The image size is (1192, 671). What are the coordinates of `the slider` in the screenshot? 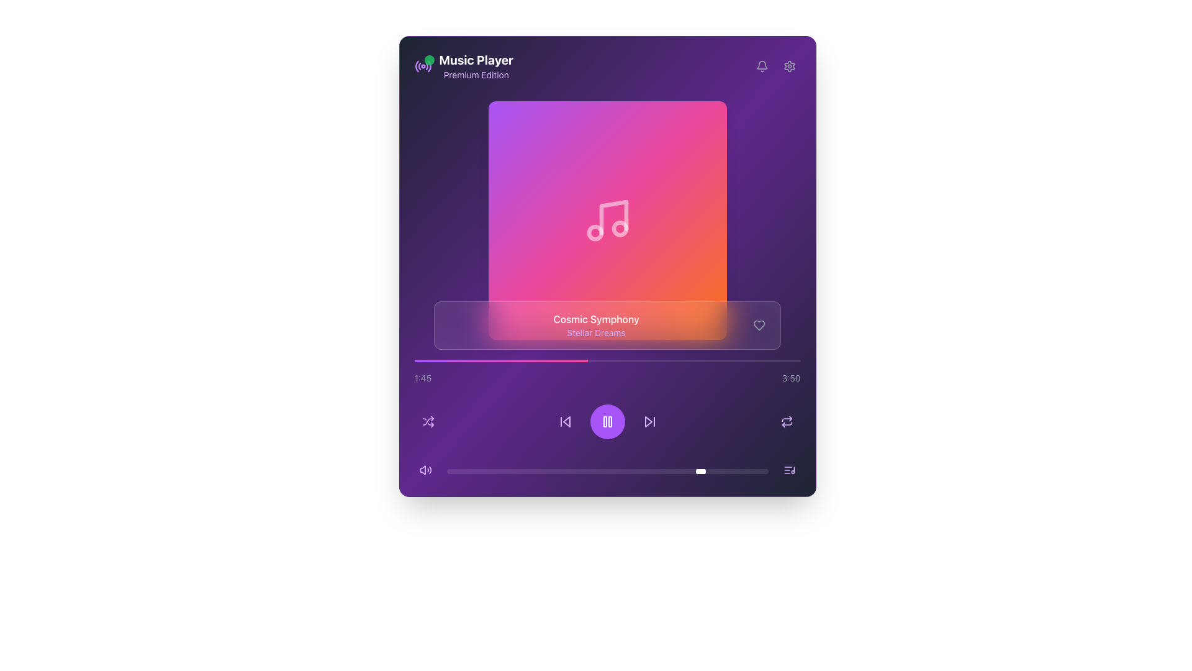 It's located at (514, 472).